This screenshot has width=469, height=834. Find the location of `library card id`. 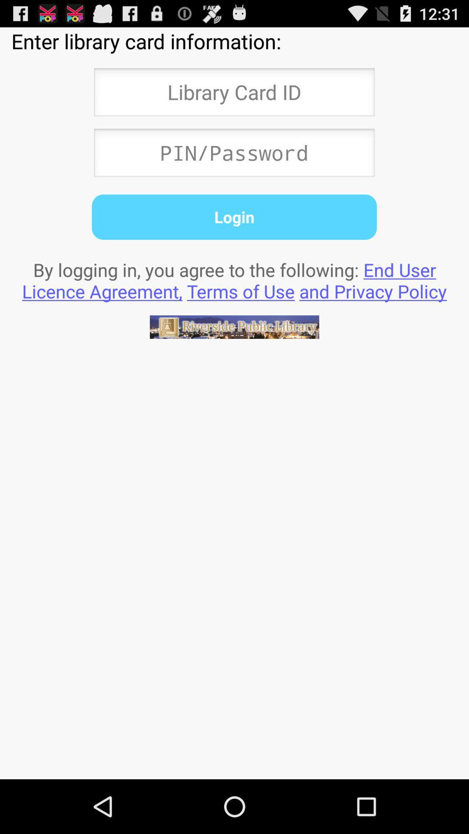

library card id is located at coordinates (234, 95).